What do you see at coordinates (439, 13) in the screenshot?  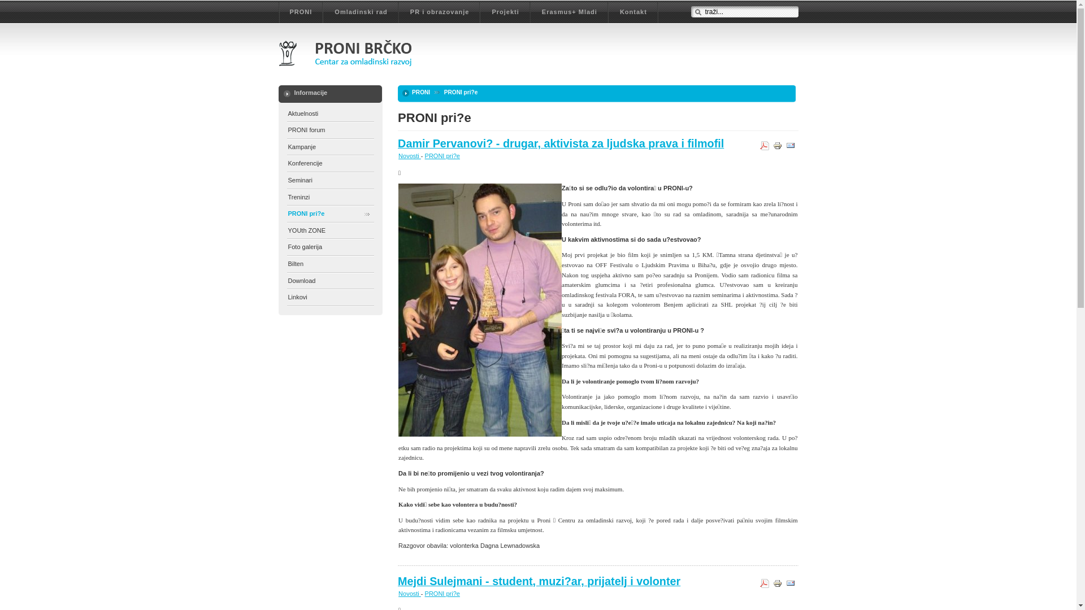 I see `'PR i obrazovanje'` at bounding box center [439, 13].